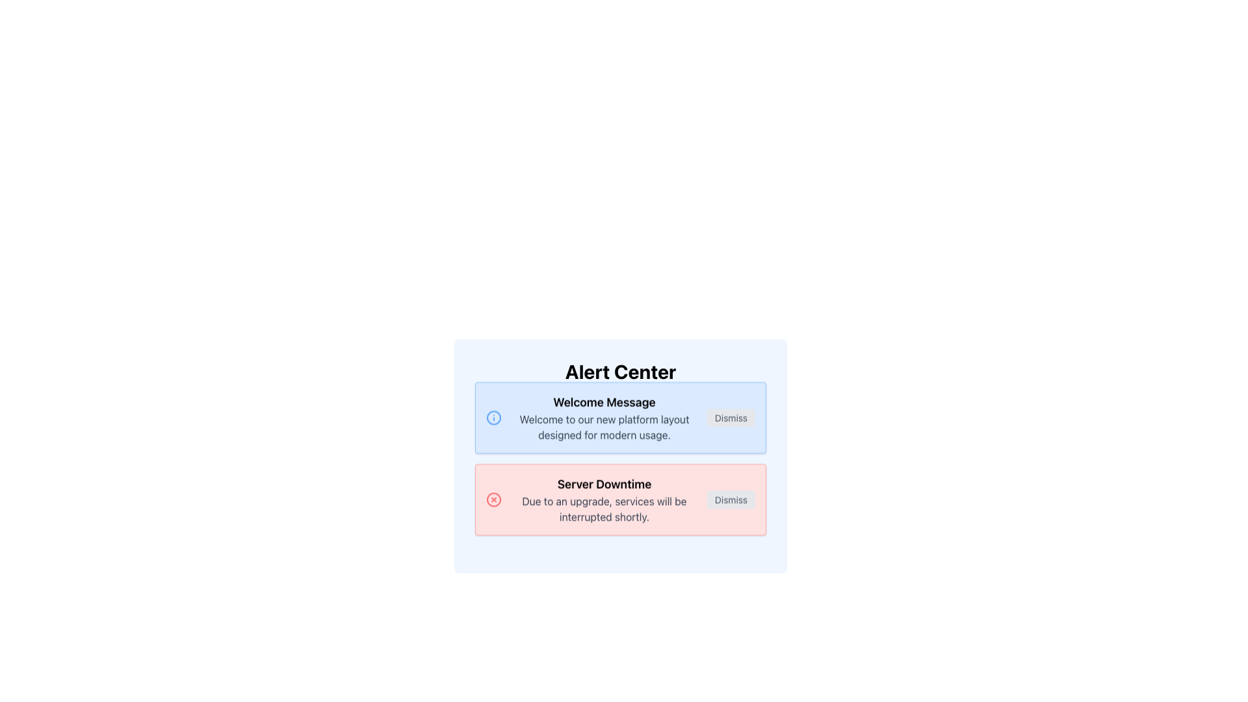 This screenshot has height=702, width=1248. Describe the element at coordinates (604, 510) in the screenshot. I see `notification message displayed in the text label located on the second alert card below the 'Server Downtime' header` at that location.